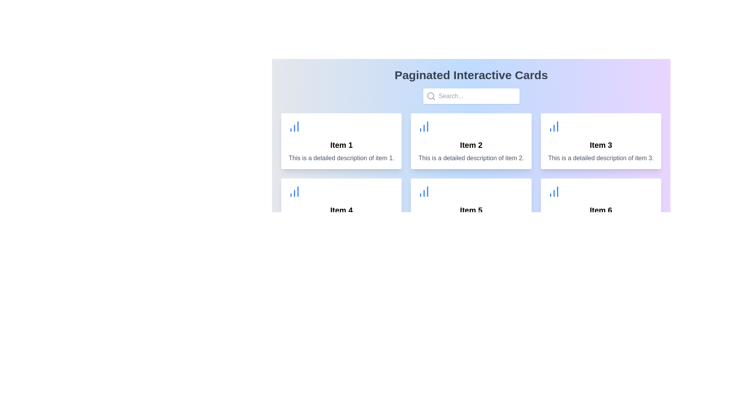  What do you see at coordinates (471, 210) in the screenshot?
I see `the 'Item 5' text label, which is prominently styled and positioned above a smaller descriptive text, for repositioning` at bounding box center [471, 210].